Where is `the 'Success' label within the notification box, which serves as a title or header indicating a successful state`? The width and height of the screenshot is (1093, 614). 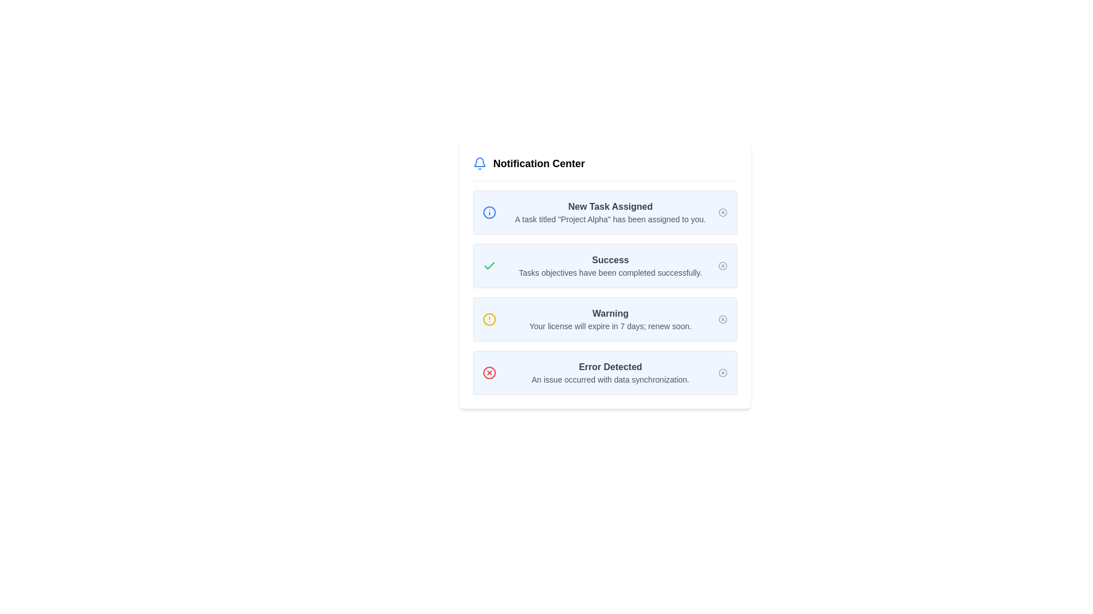
the 'Success' label within the notification box, which serves as a title or header indicating a successful state is located at coordinates (610, 260).